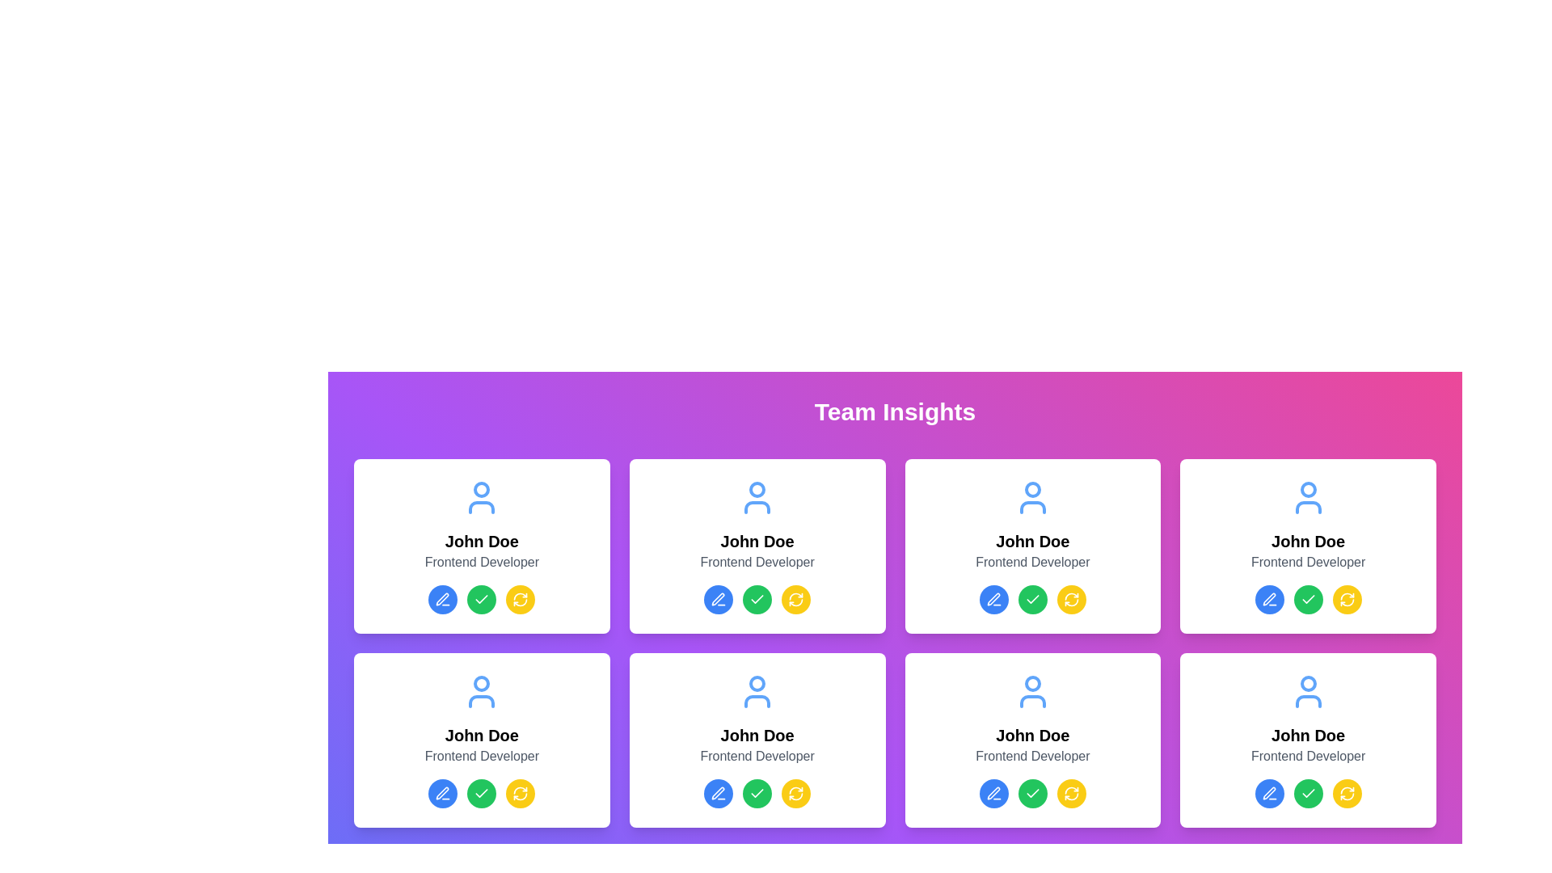 Image resolution: width=1552 pixels, height=873 pixels. What do you see at coordinates (1268, 599) in the screenshot?
I see `the leftmost edit icon (pen icon) located at the bottom of the user card in the second column of the first row of a 3x4 grid layout to modify user details` at bounding box center [1268, 599].